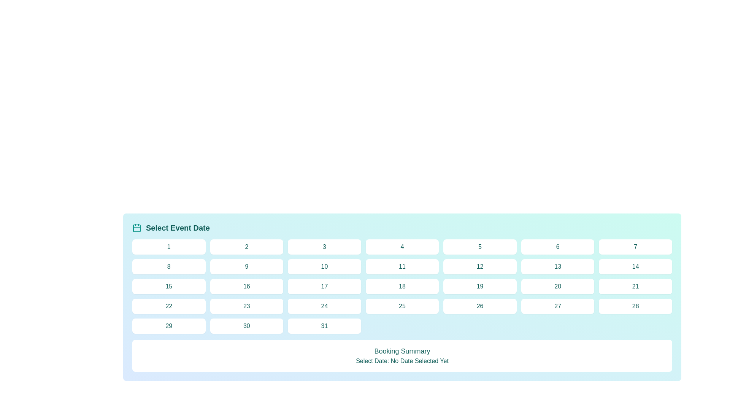 Image resolution: width=730 pixels, height=411 pixels. Describe the element at coordinates (324, 286) in the screenshot. I see `the date selection button for the 17th day of the month, located in the third row and fourth column of the calendar interface` at that location.